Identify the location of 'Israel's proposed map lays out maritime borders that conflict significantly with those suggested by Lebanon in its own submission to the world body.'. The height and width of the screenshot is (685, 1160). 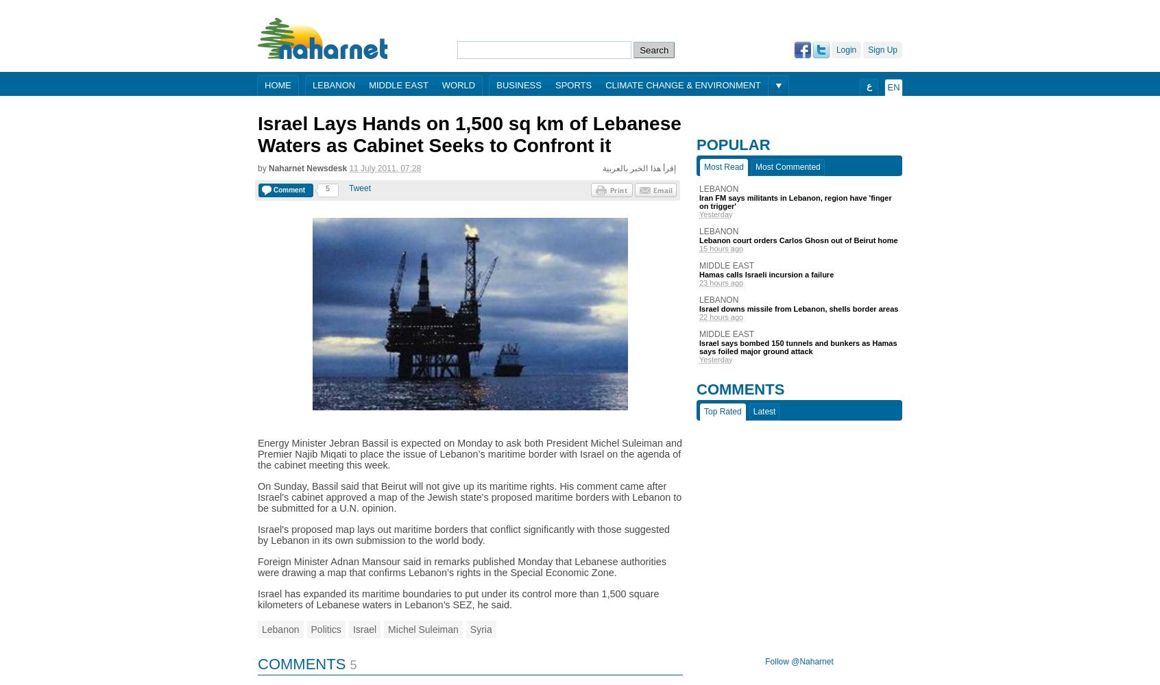
(463, 534).